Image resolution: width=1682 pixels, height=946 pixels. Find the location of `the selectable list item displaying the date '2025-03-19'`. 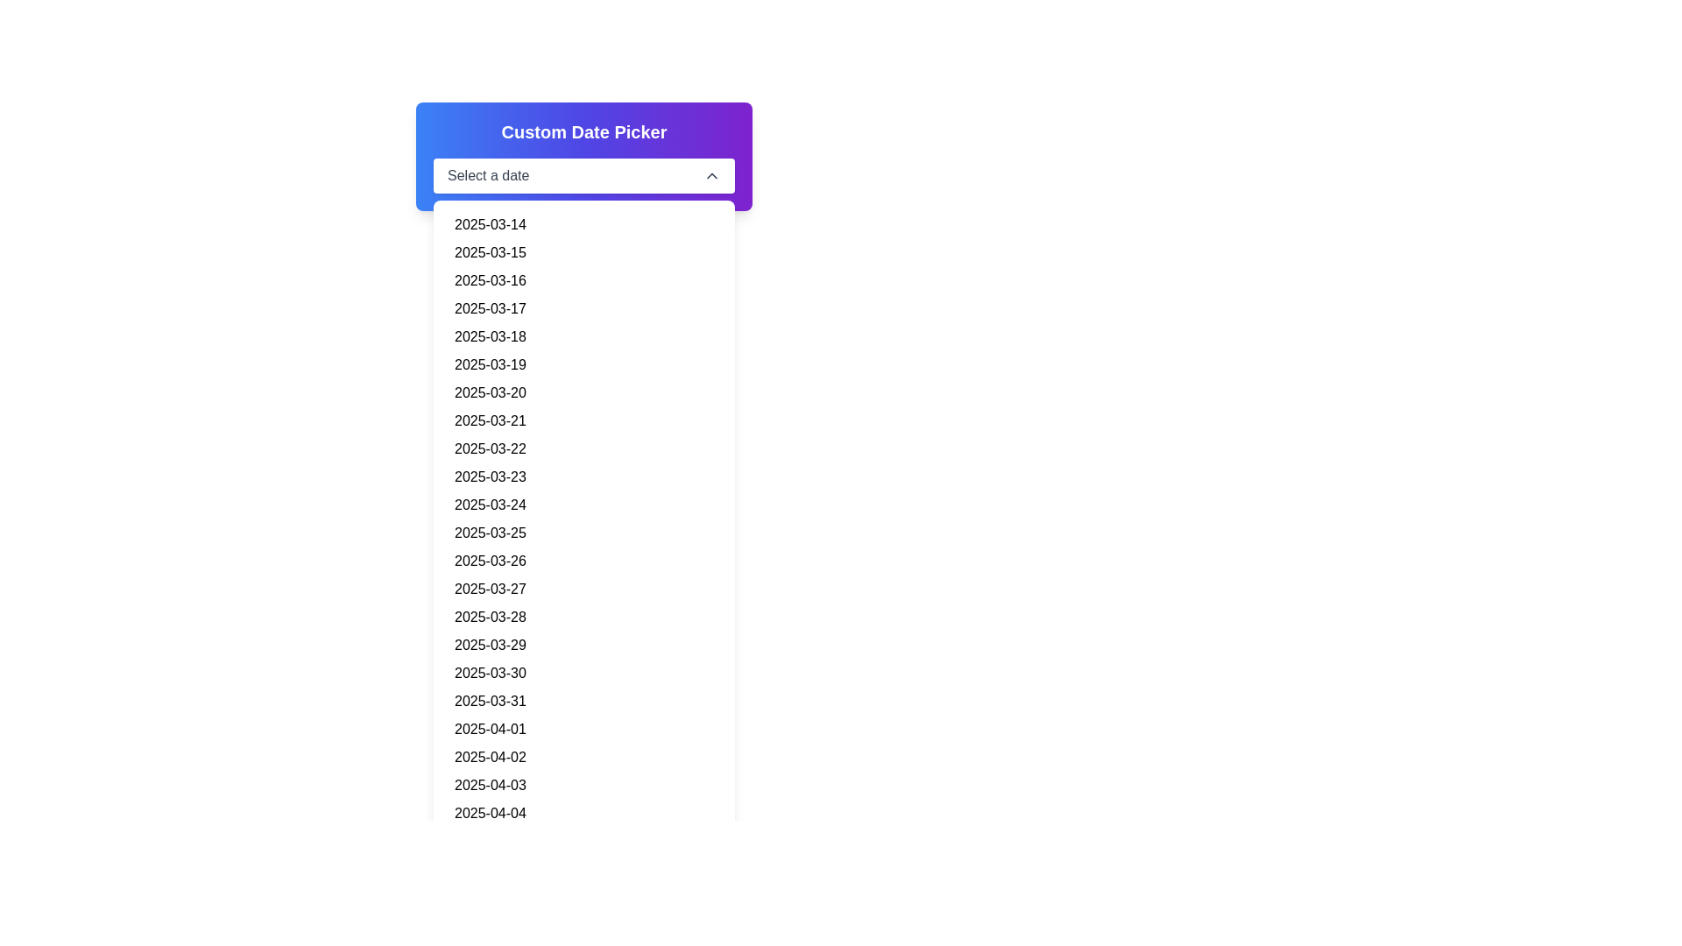

the selectable list item displaying the date '2025-03-19' is located at coordinates (584, 364).